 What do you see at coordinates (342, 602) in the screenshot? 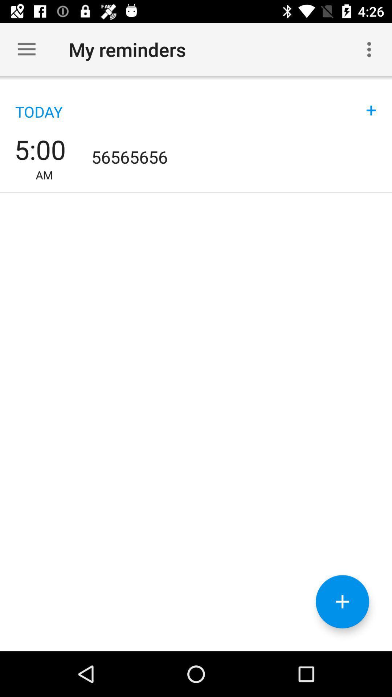
I see `button` at bounding box center [342, 602].